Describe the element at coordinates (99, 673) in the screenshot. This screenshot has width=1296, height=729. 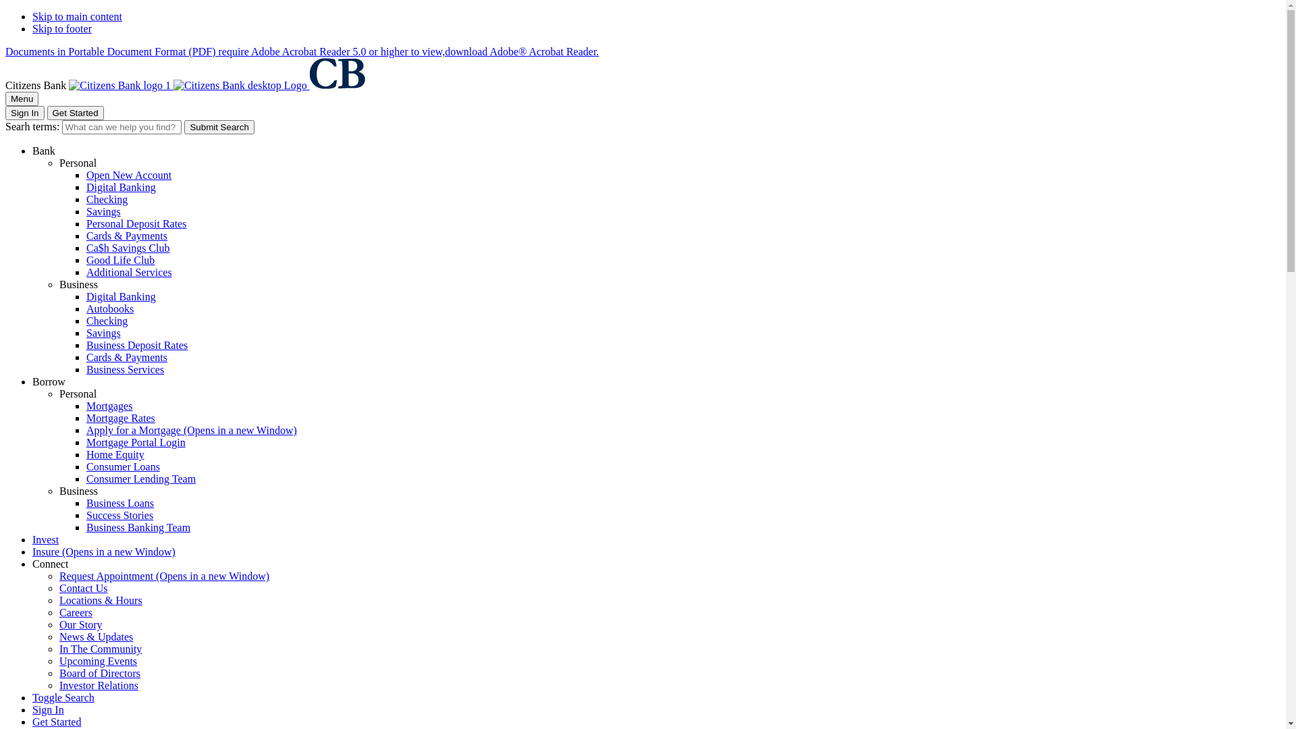
I see `'Board of Directors'` at that location.